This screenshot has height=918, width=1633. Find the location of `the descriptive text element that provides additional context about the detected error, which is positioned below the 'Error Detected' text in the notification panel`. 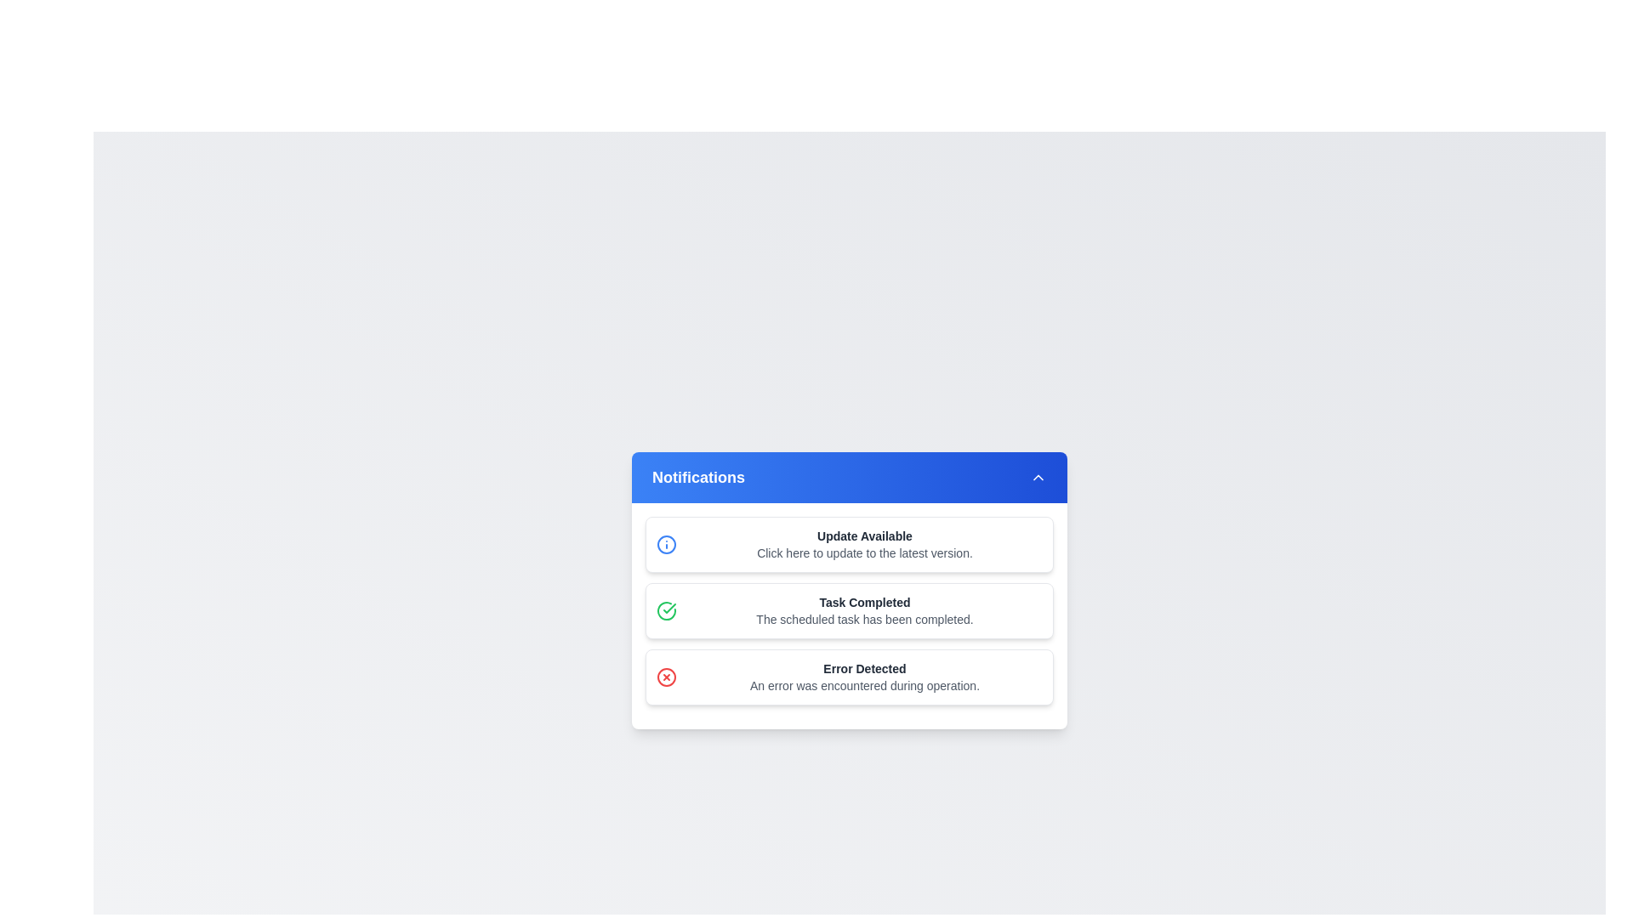

the descriptive text element that provides additional context about the detected error, which is positioned below the 'Error Detected' text in the notification panel is located at coordinates (865, 684).